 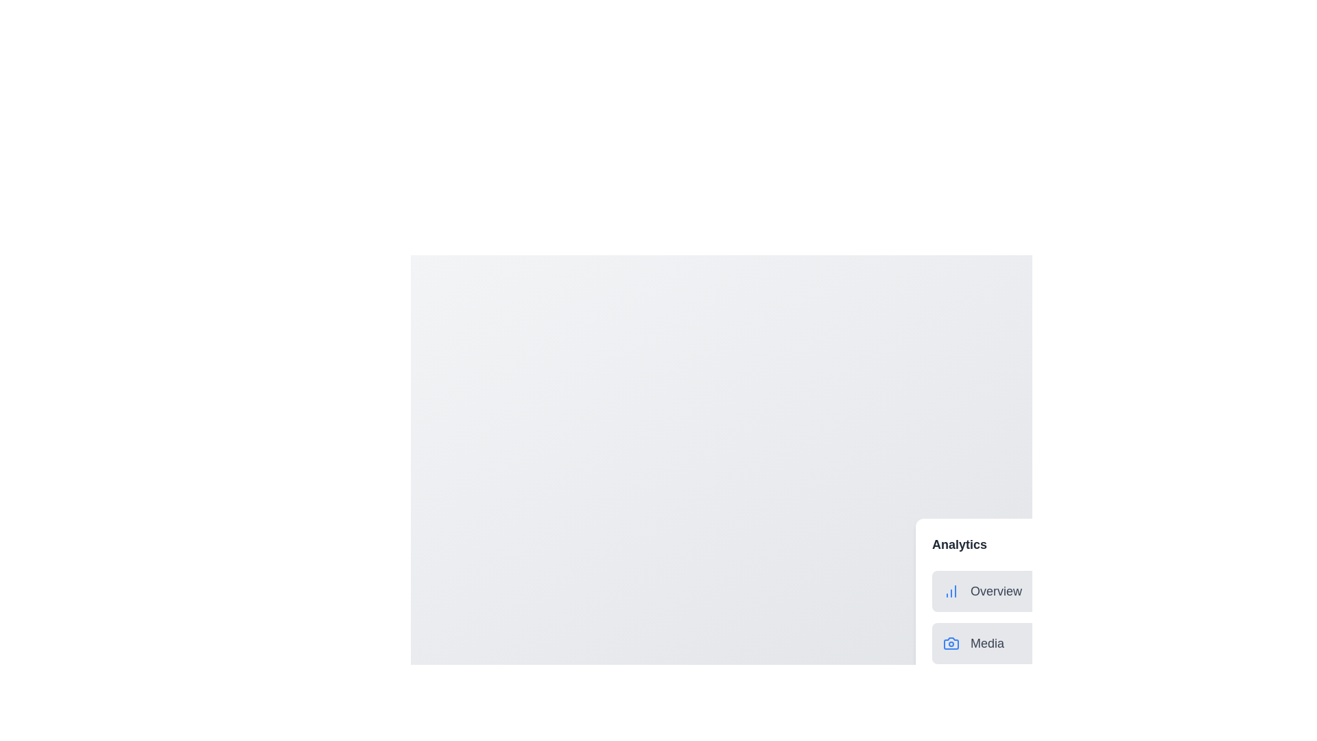 I want to click on the Media section to navigate, so click(x=1069, y=643).